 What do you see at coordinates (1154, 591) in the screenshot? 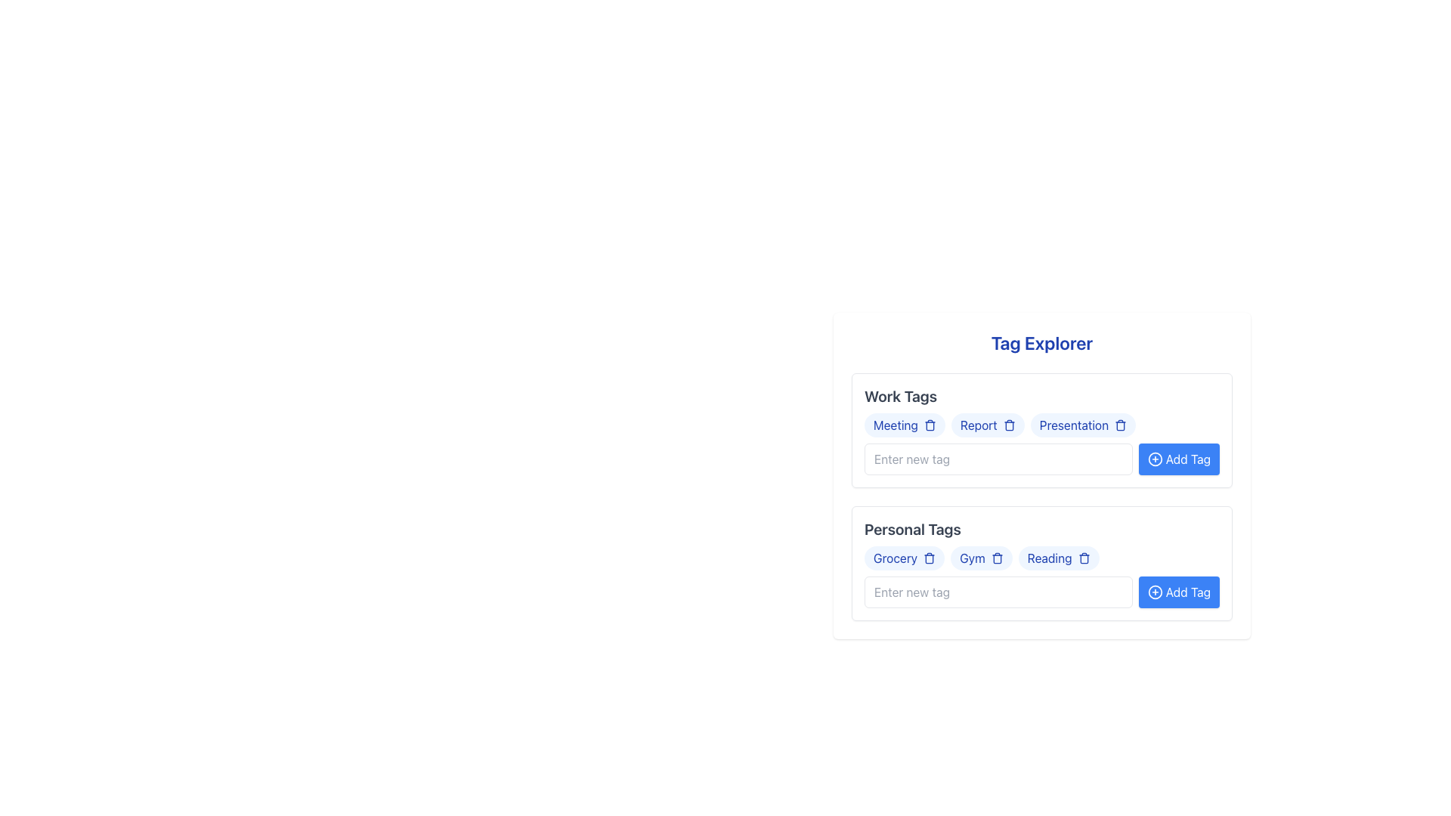
I see `the circle component of the 'Add Tag' button in the 'Personal Tags' section, which is part of an SVG graphic and visually represents an addition symbol` at bounding box center [1154, 591].